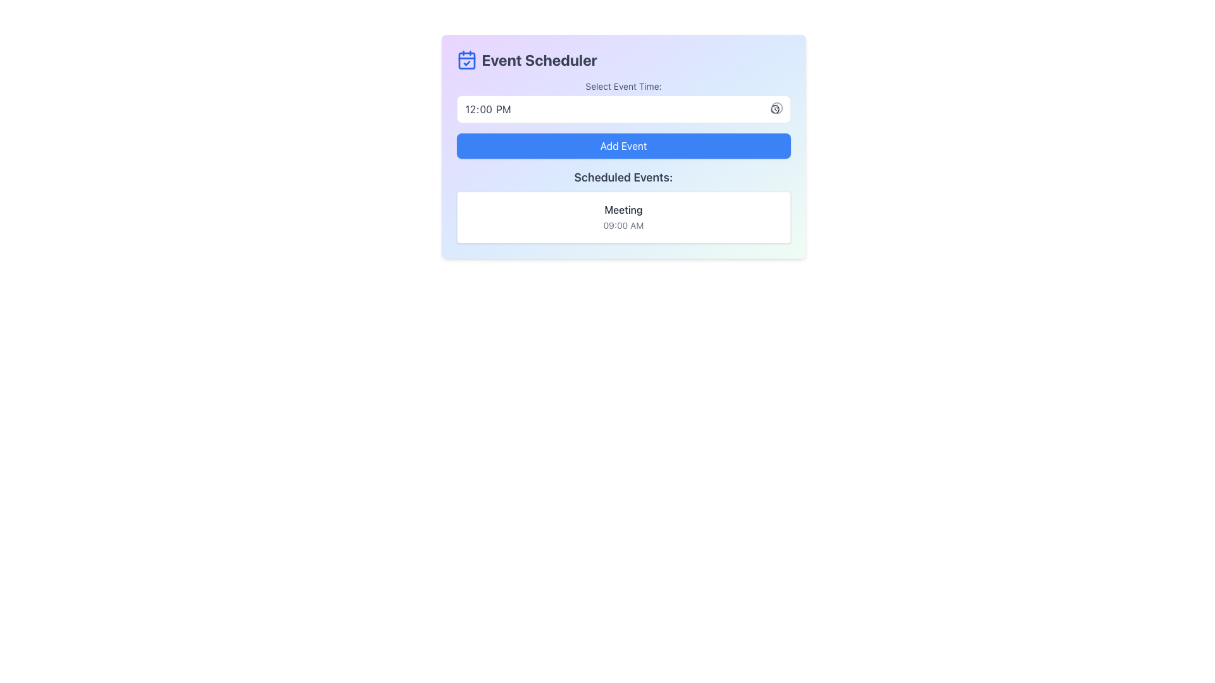 The image size is (1215, 683). I want to click on the decorative circle element inside the clock icon located to the right of the 'Select Event Time' input field, so click(776, 107).